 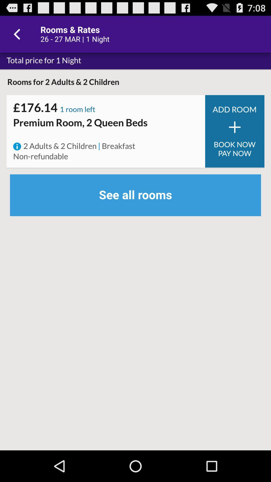 I want to click on the item next to the add room icon, so click(x=78, y=109).